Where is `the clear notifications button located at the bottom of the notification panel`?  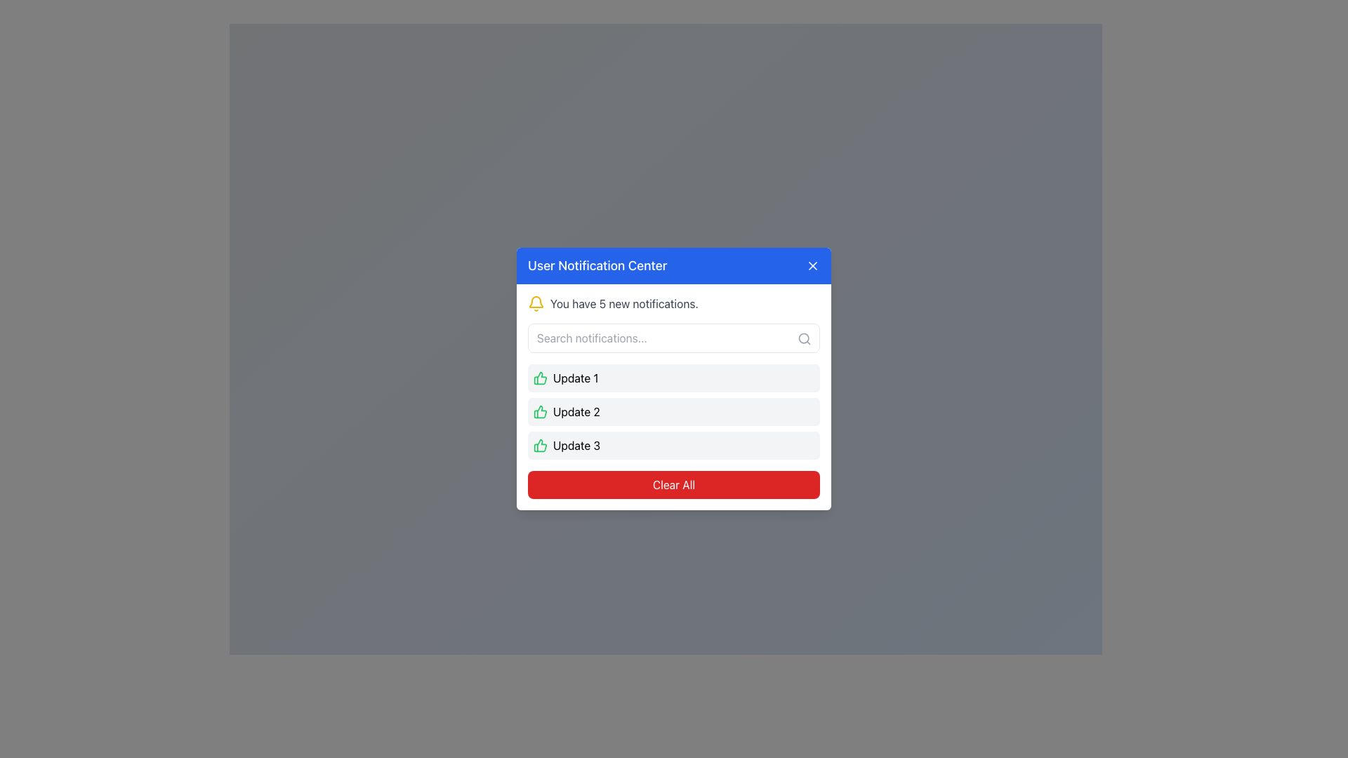
the clear notifications button located at the bottom of the notification panel is located at coordinates (674, 484).